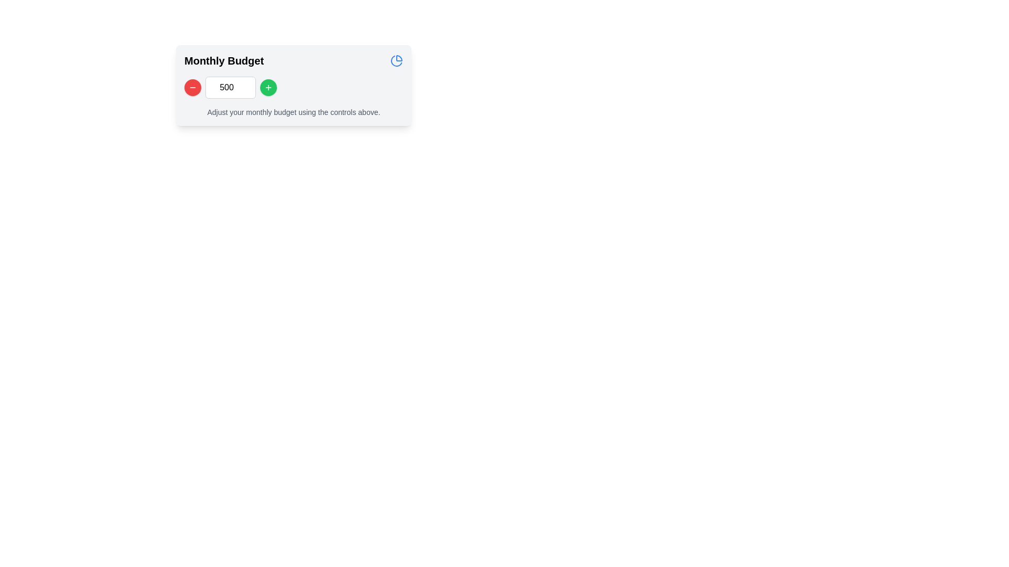 The height and width of the screenshot is (567, 1009). I want to click on the fifth button located to the right of the numeric input box to increase the displayed value, so click(268, 87).